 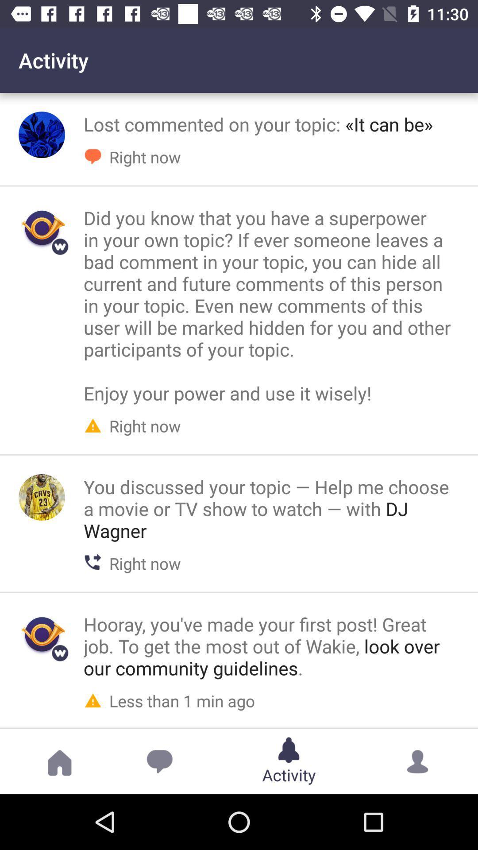 I want to click on profile, so click(x=42, y=497).